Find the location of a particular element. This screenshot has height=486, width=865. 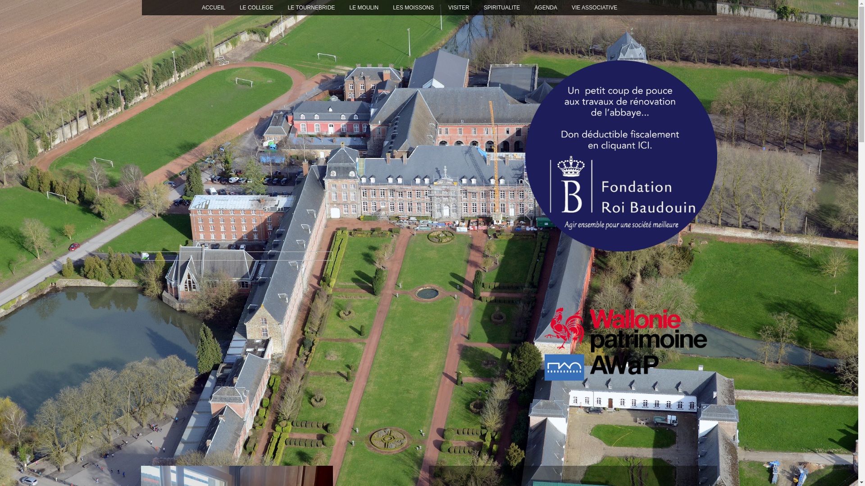

'VIE ASSOCIATIVE' is located at coordinates (594, 7).